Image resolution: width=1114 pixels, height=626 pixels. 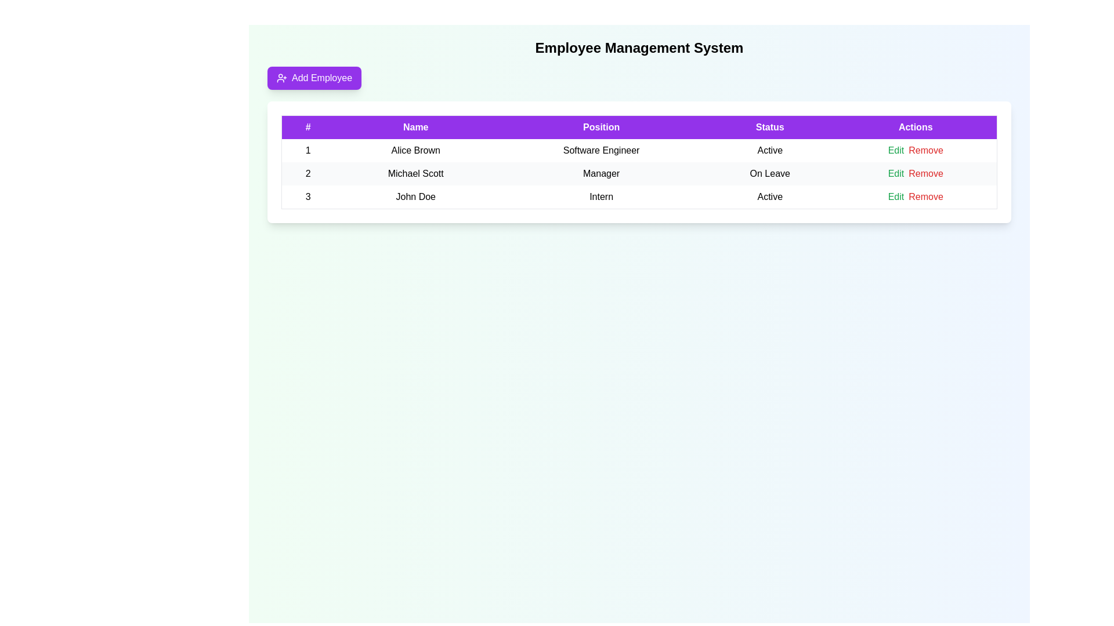 I want to click on the white table cell containing the numeral '2' in the second row and first column of the employee information table, so click(x=308, y=174).